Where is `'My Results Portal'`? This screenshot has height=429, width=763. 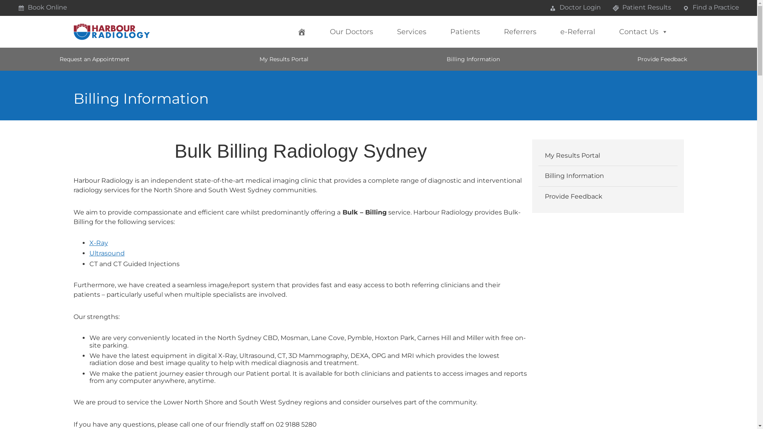
'My Results Portal' is located at coordinates (608, 156).